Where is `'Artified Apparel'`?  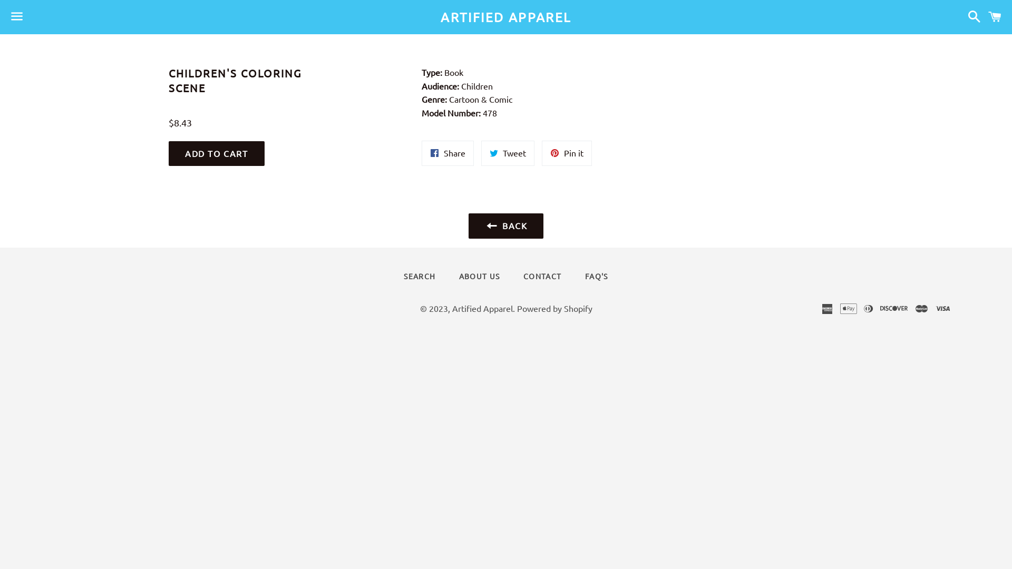 'Artified Apparel' is located at coordinates (482, 308).